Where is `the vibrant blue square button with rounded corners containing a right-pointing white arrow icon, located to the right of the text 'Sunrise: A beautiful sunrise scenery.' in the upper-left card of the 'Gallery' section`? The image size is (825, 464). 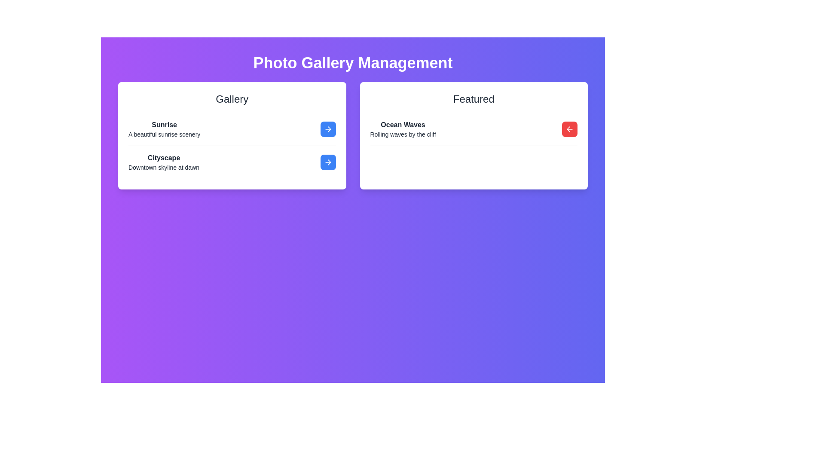
the vibrant blue square button with rounded corners containing a right-pointing white arrow icon, located to the right of the text 'Sunrise: A beautiful sunrise scenery.' in the upper-left card of the 'Gallery' section is located at coordinates (327, 129).